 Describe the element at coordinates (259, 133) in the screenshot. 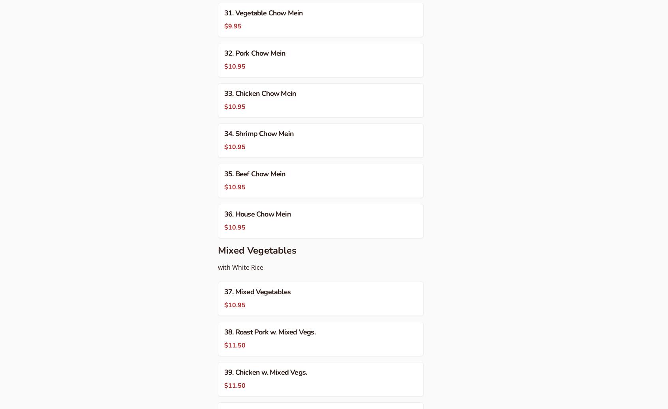

I see `'34. Shrimp Chow Mein'` at that location.